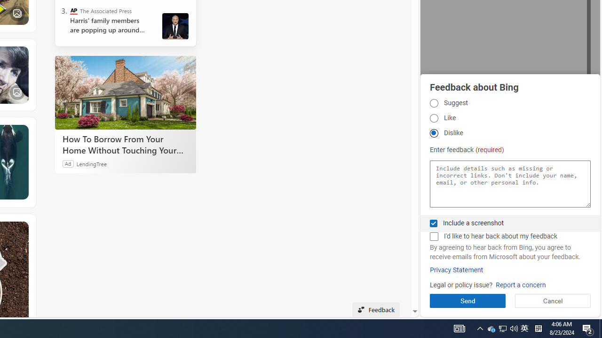  What do you see at coordinates (520, 284) in the screenshot?
I see `'Report a concern'` at bounding box center [520, 284].